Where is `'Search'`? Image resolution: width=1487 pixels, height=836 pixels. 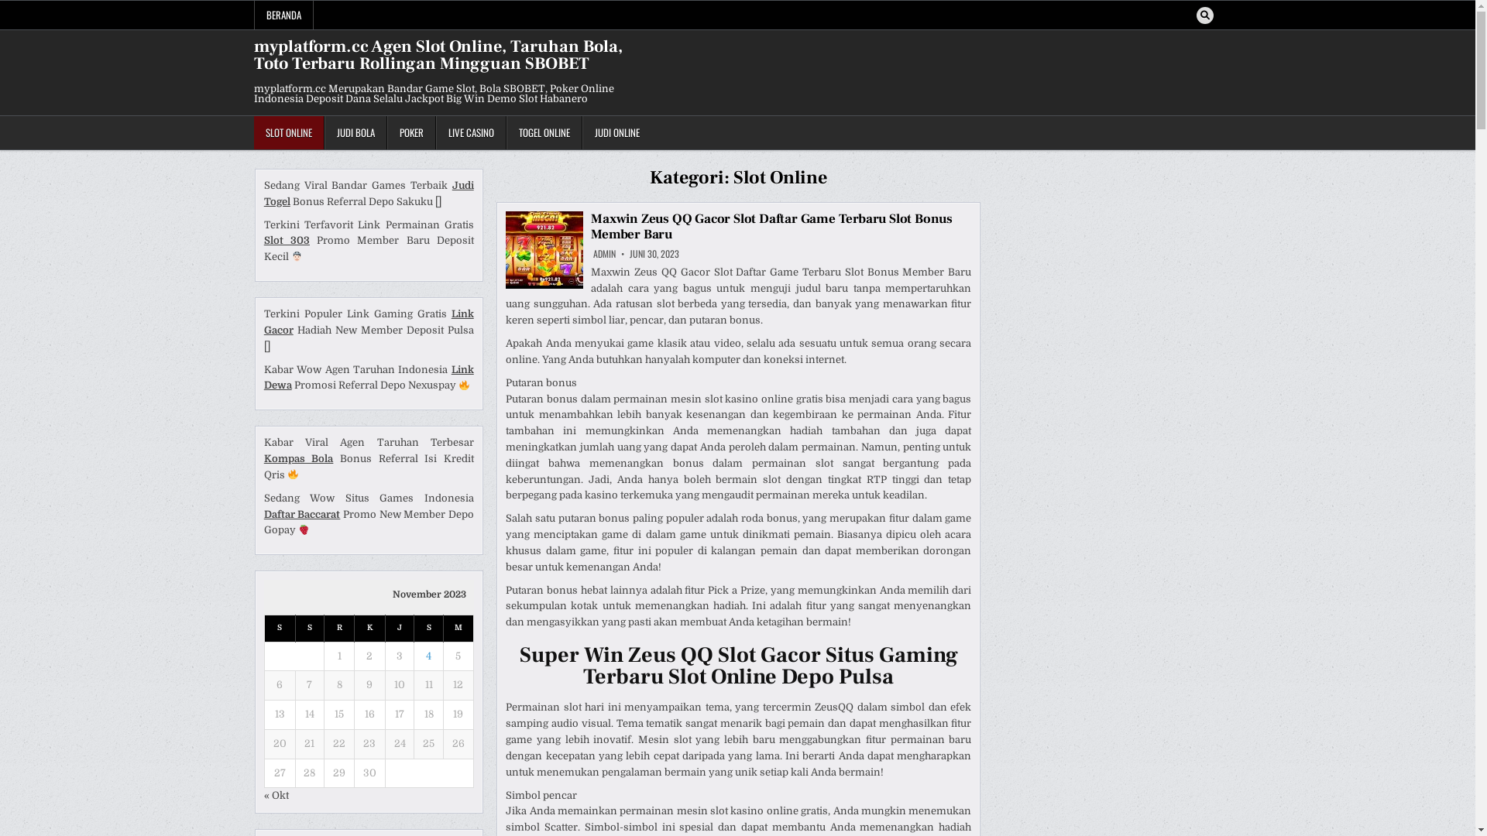
'Search' is located at coordinates (1204, 15).